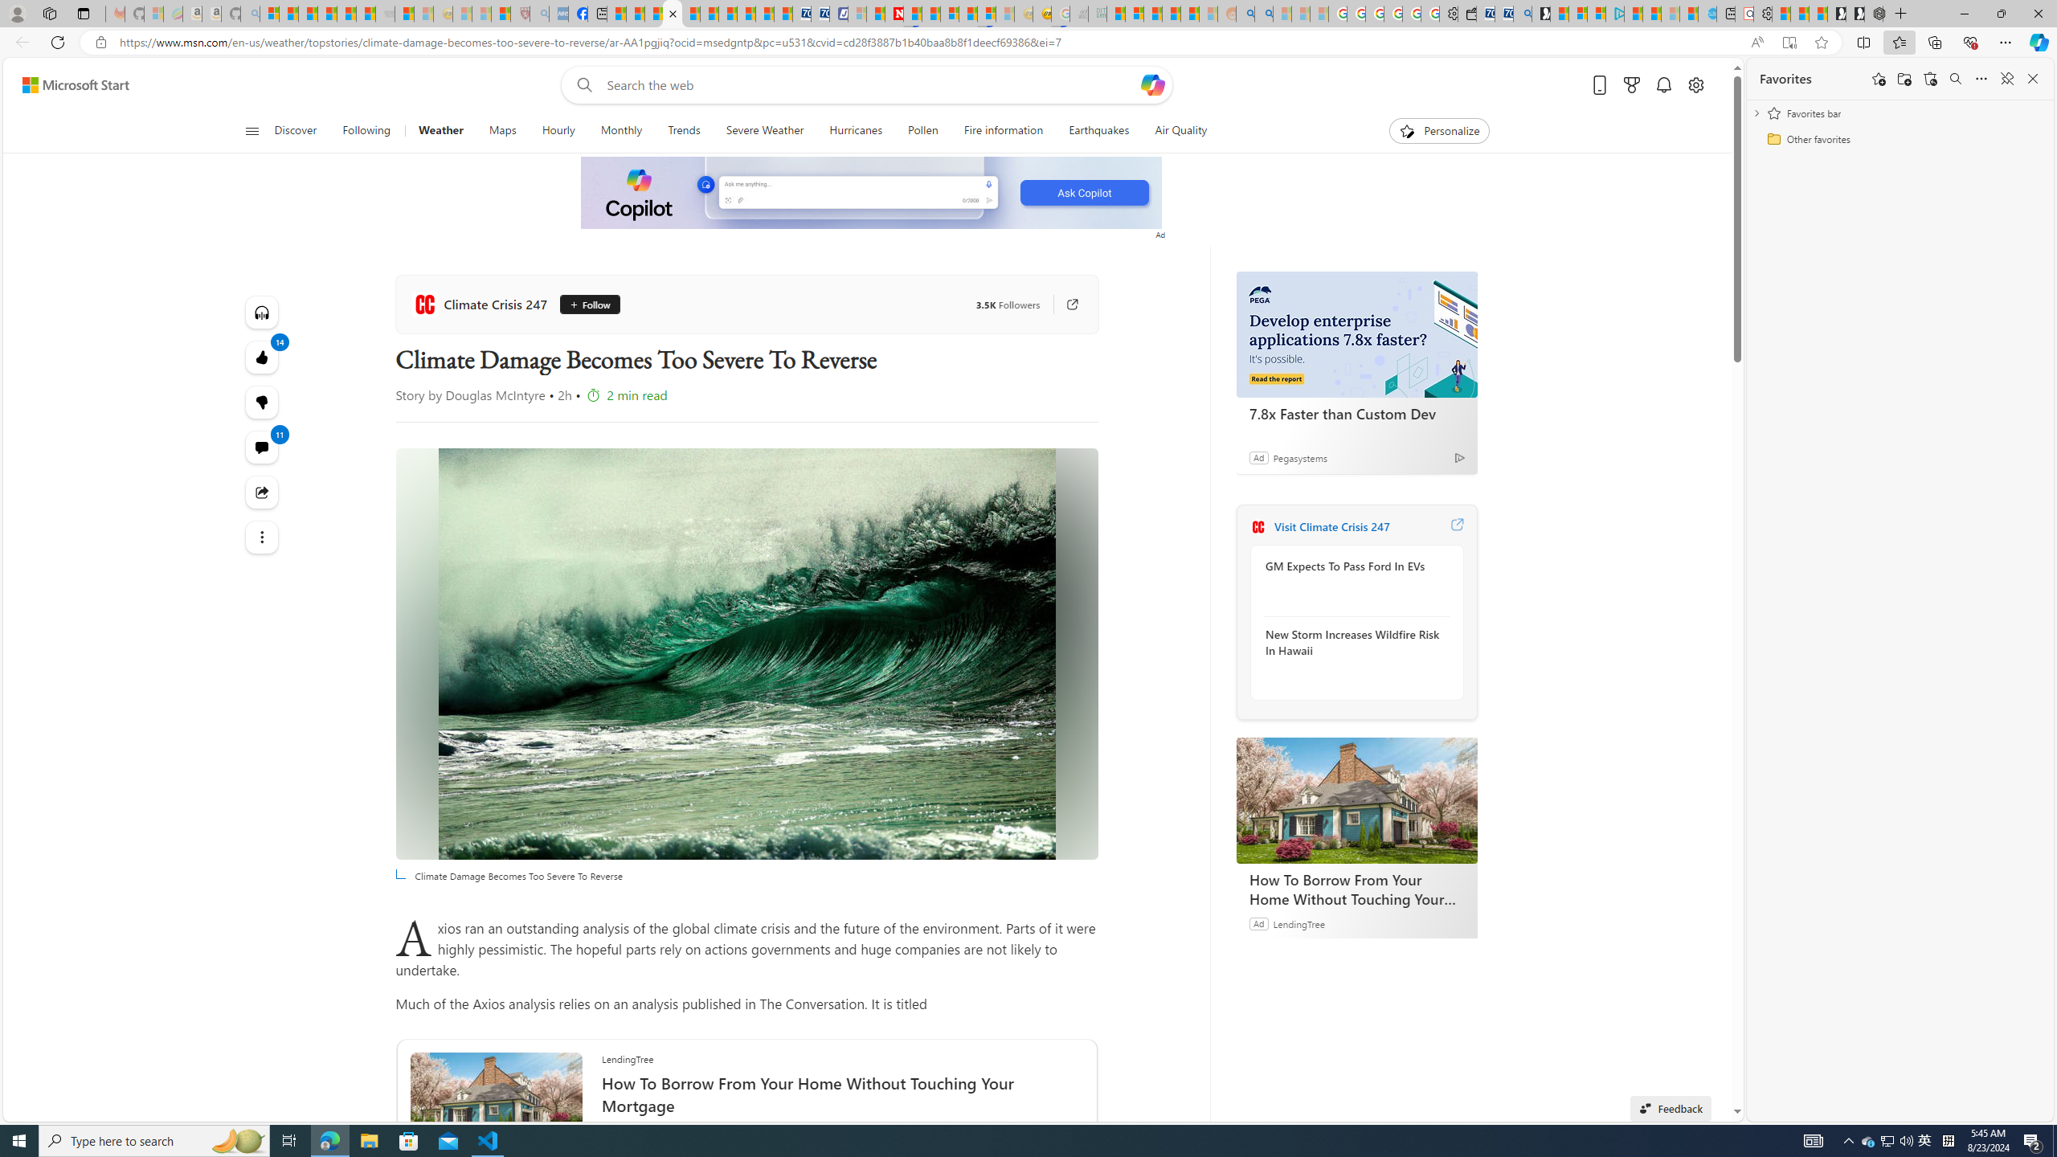 The height and width of the screenshot is (1157, 2057). What do you see at coordinates (622, 130) in the screenshot?
I see `'Monthly'` at bounding box center [622, 130].